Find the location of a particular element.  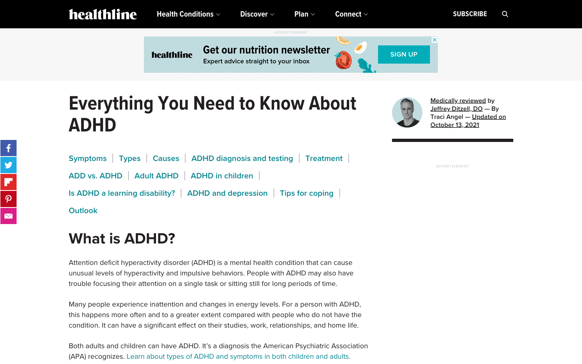

Look up strategies for dealing with ADHD is located at coordinates (306, 193).